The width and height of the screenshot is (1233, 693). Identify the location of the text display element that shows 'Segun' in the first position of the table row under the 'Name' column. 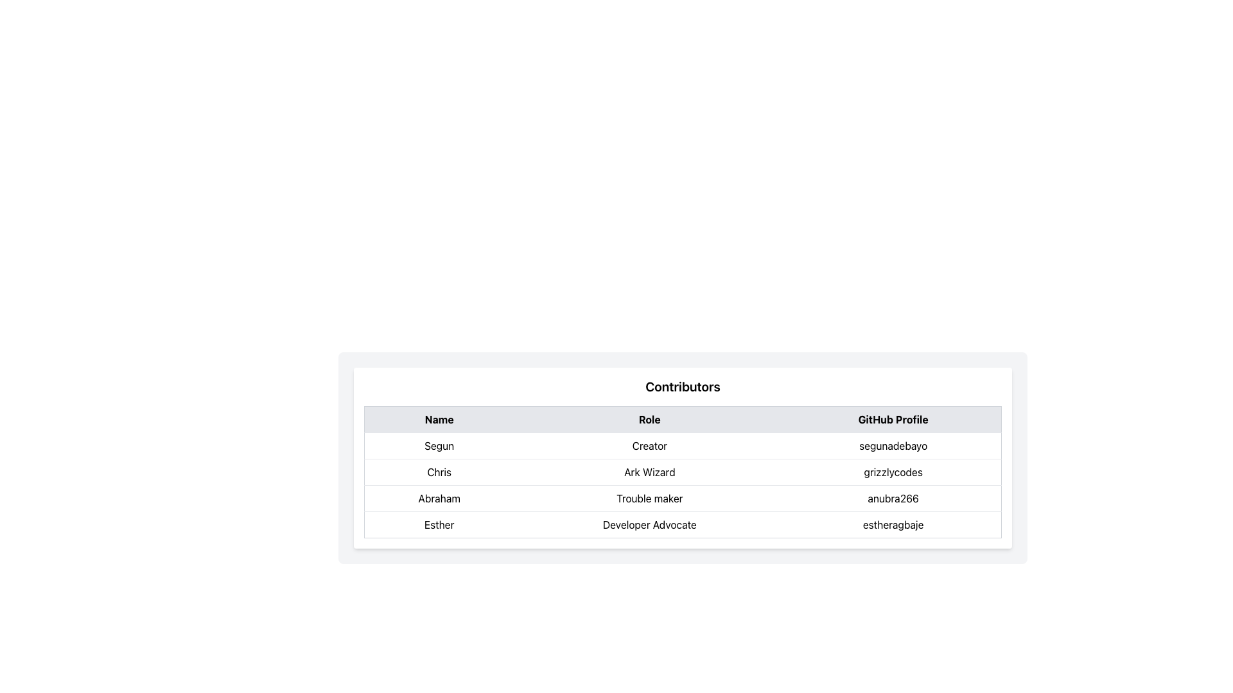
(439, 445).